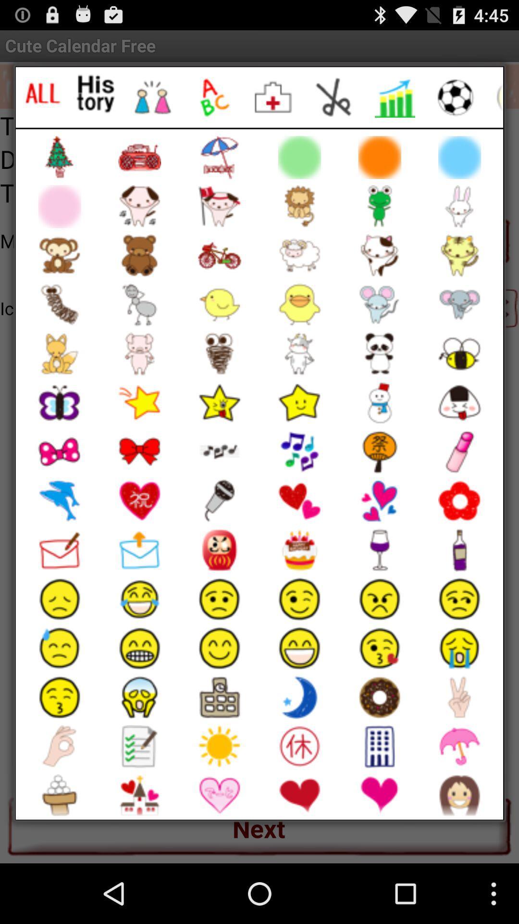 This screenshot has width=519, height=924. Describe the element at coordinates (212, 97) in the screenshot. I see `abc emoji` at that location.